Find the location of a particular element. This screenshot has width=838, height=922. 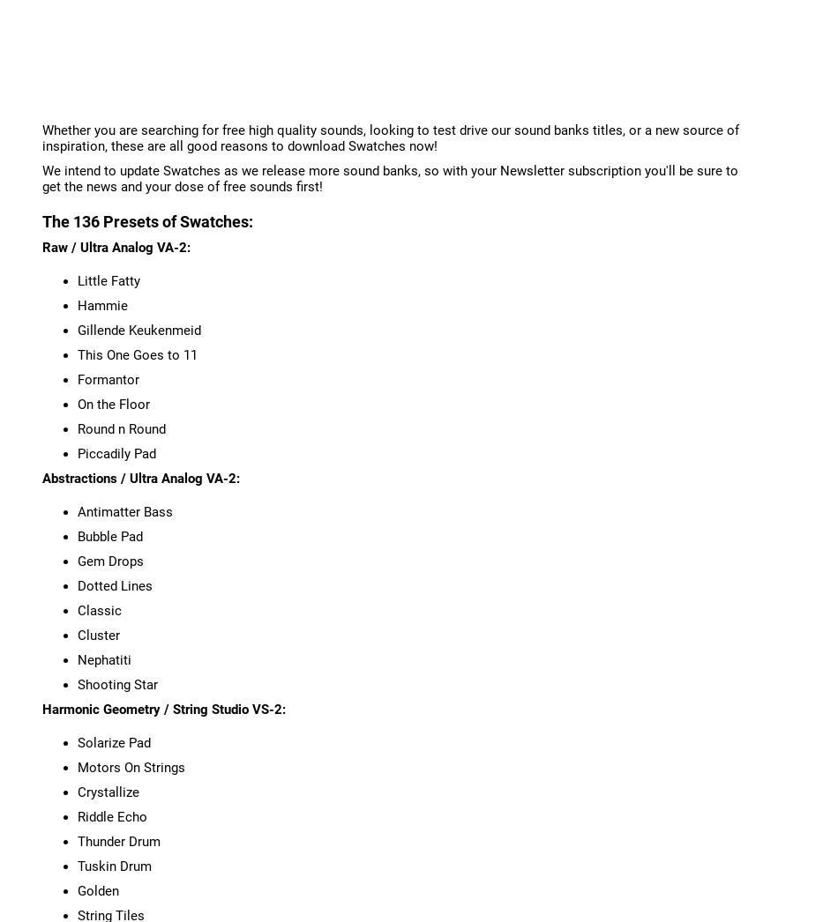

'Little Fatty' is located at coordinates (108, 279).